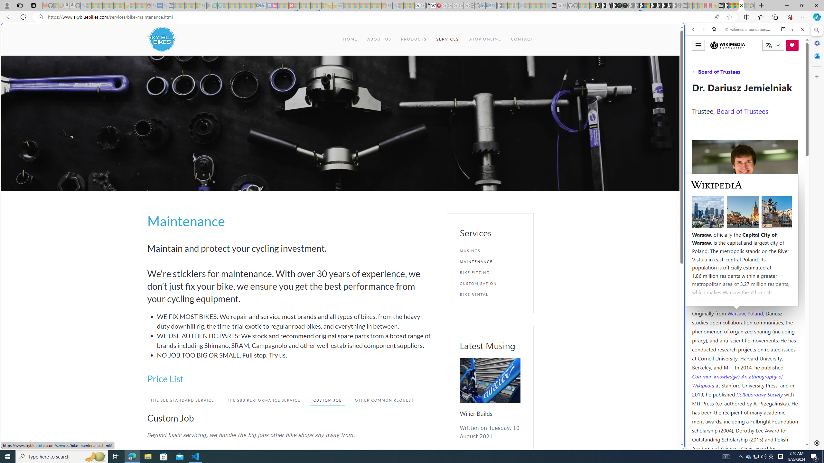 The width and height of the screenshot is (824, 463). Describe the element at coordinates (741, 5) in the screenshot. I see `'Services - Maintenance | Sky Blue Bikes - Sky Blue Bikes'` at that location.